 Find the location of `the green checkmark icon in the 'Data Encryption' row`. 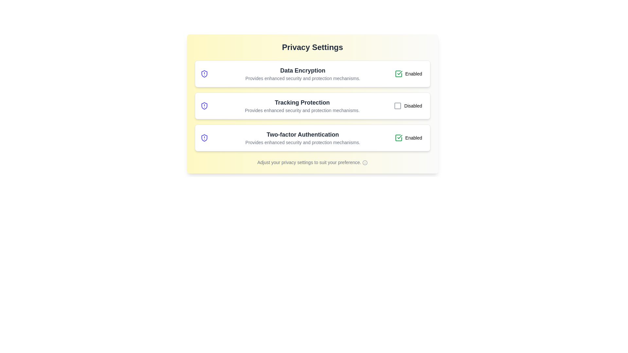

the green checkmark icon in the 'Data Encryption' row is located at coordinates (398, 74).